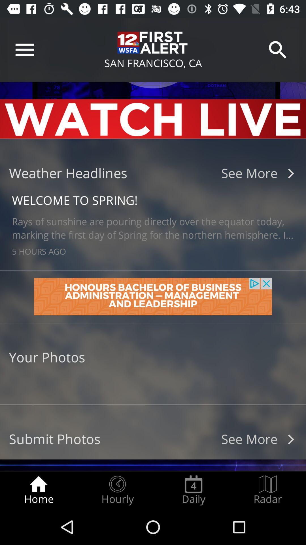 The image size is (306, 545). Describe the element at coordinates (117, 490) in the screenshot. I see `item to the left of daily icon` at that location.